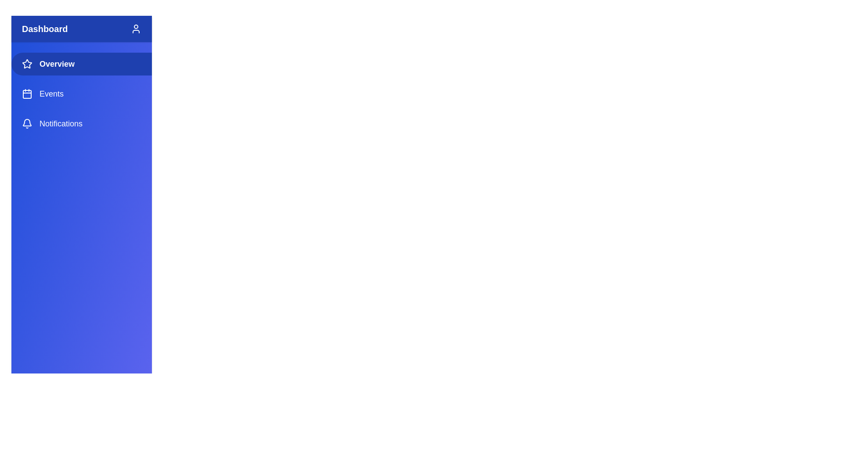 The width and height of the screenshot is (843, 474). Describe the element at coordinates (82, 64) in the screenshot. I see `the sidebar section Overview` at that location.